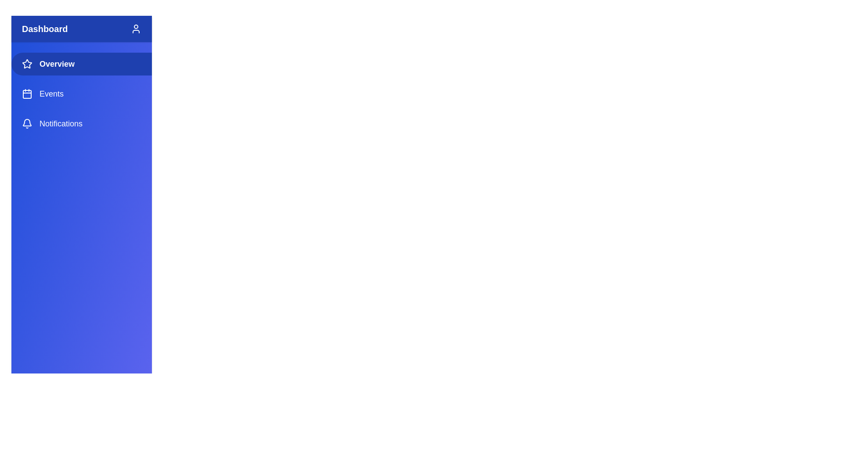 The width and height of the screenshot is (843, 474). Describe the element at coordinates (82, 64) in the screenshot. I see `the sidebar section Overview` at that location.